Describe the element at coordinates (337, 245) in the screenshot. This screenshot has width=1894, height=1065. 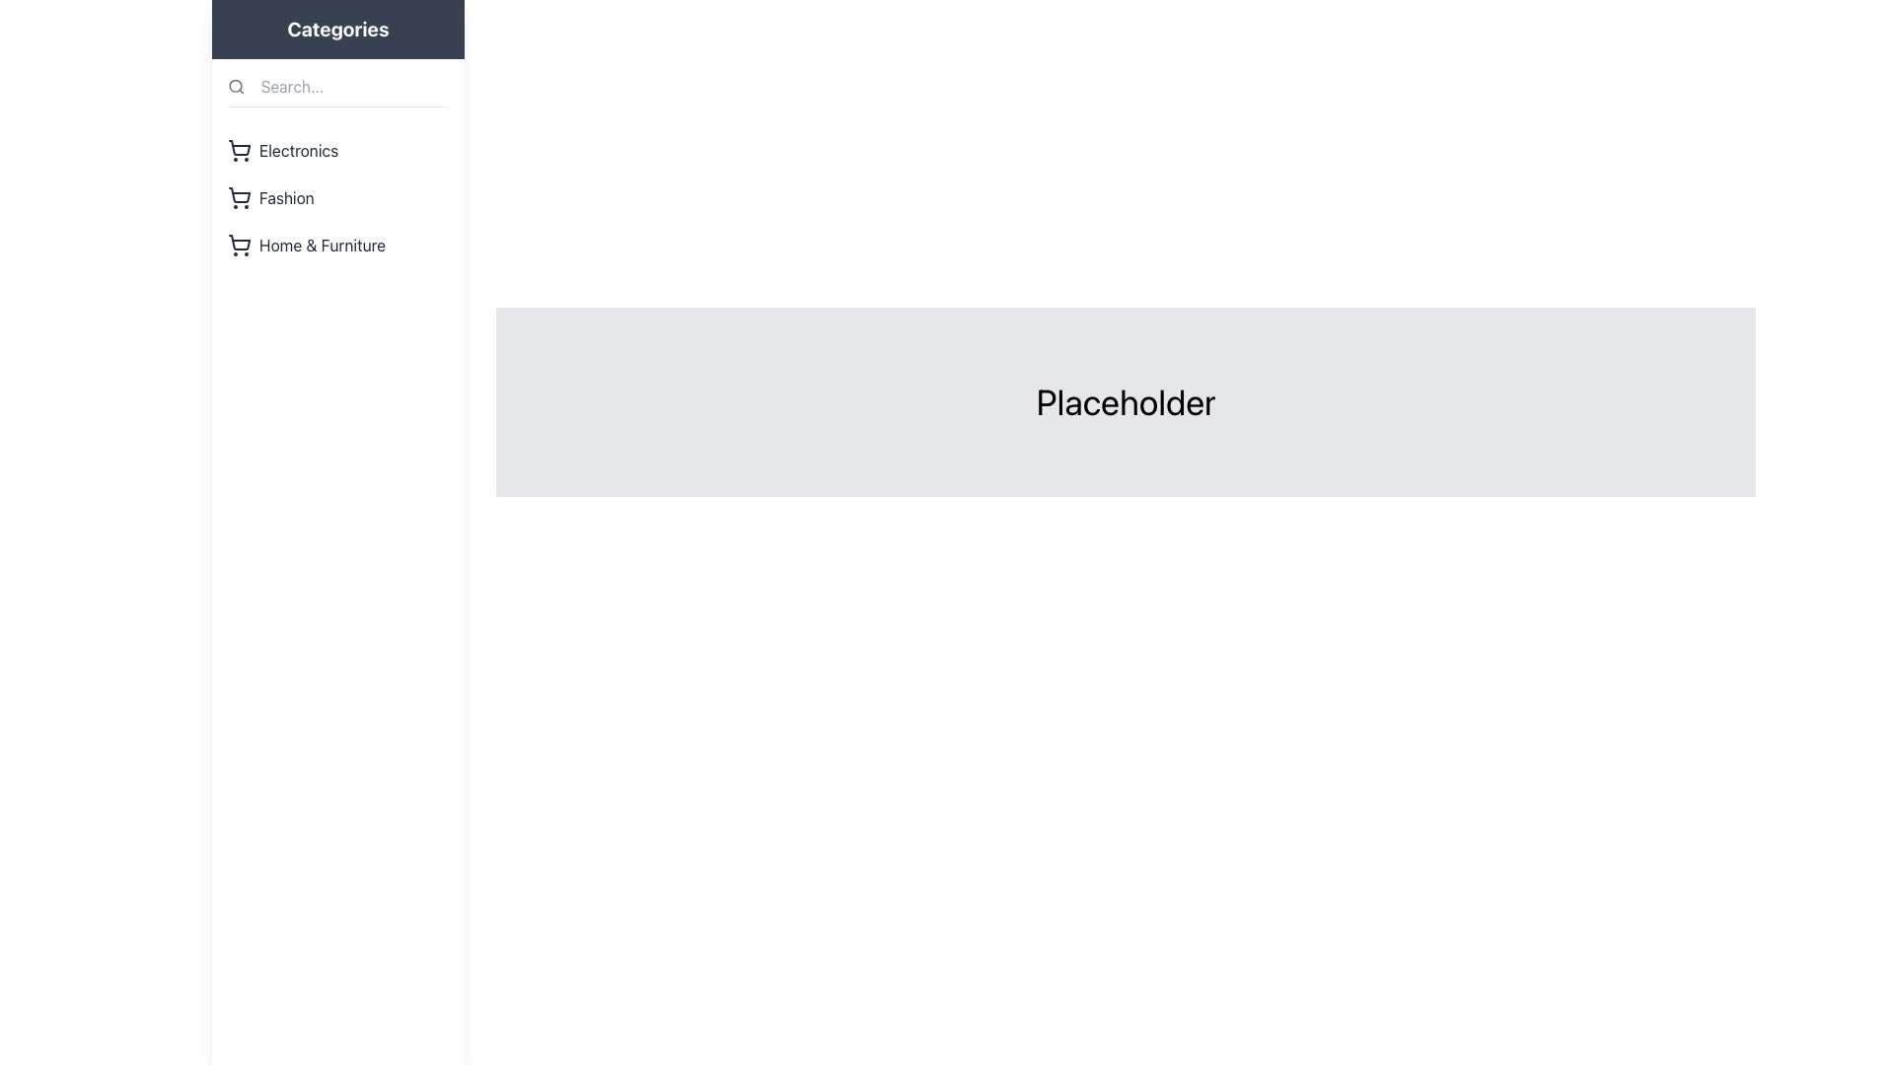
I see `the 'Home & Furniture' menu item, which is the third item in the 'Categories' sidebar menu, displaying a shopping cart icon and styled in a sans-serif font` at that location.